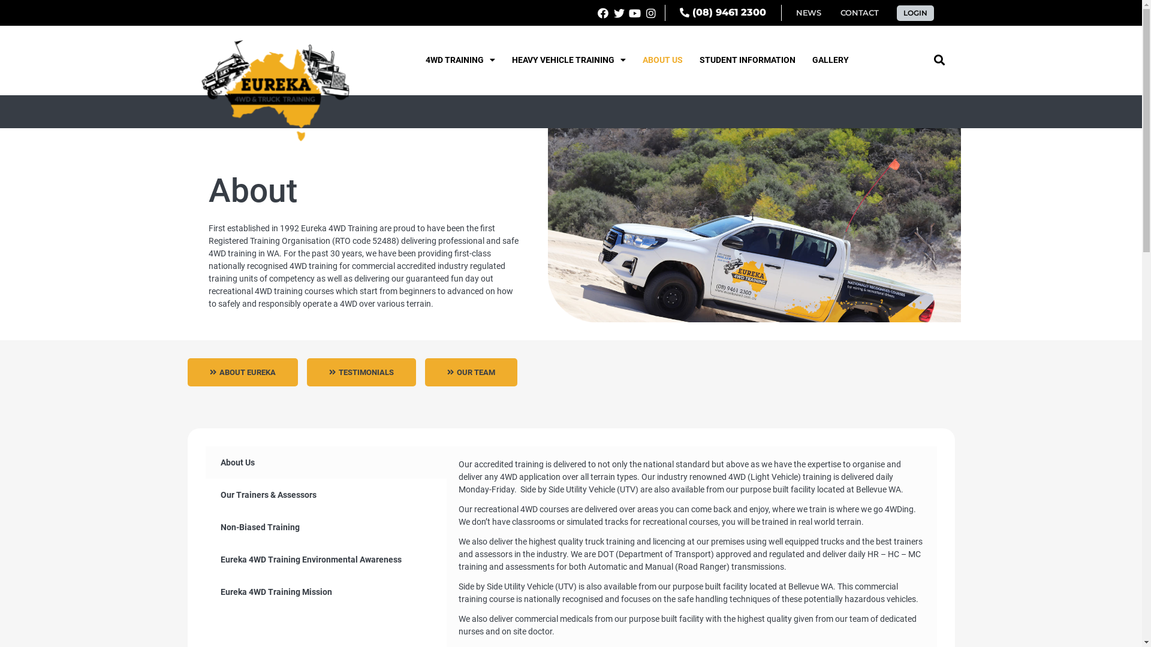  Describe the element at coordinates (722, 13) in the screenshot. I see `'(08) 9461 2300'` at that location.